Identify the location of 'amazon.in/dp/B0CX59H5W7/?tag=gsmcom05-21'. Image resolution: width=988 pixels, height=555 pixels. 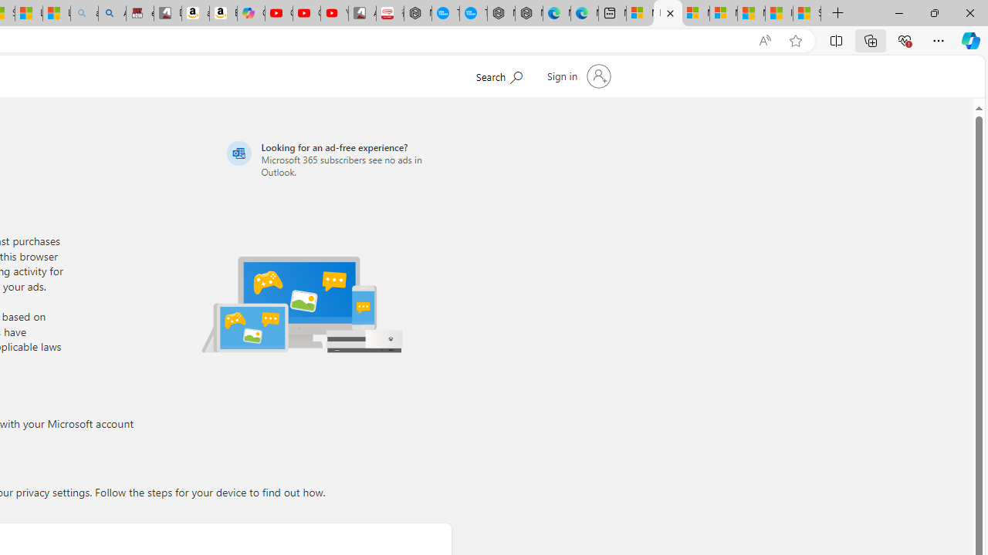
(195, 13).